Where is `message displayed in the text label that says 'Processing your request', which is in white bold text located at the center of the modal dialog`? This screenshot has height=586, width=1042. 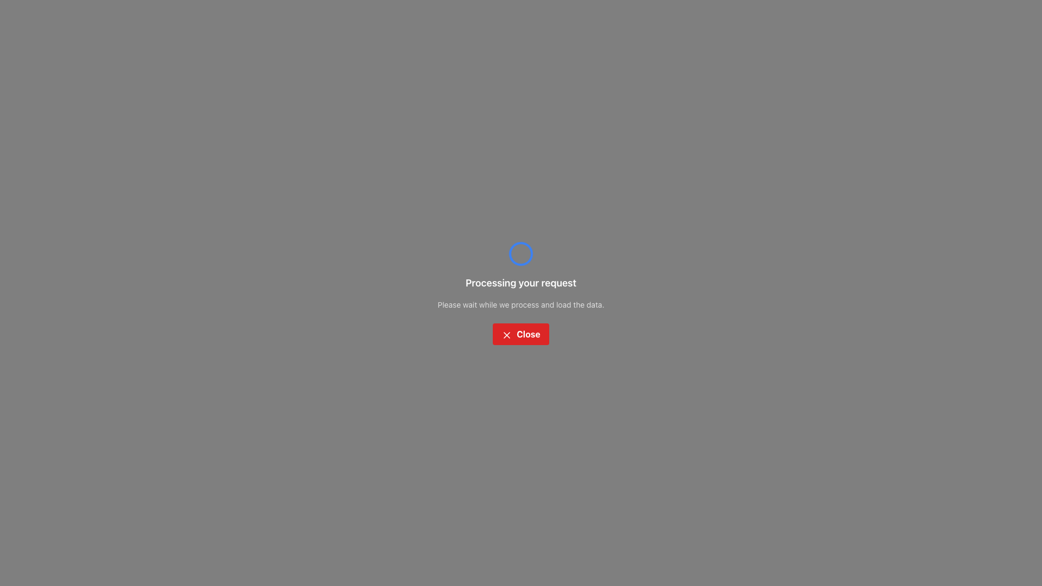
message displayed in the text label that says 'Processing your request', which is in white bold text located at the center of the modal dialog is located at coordinates (521, 282).